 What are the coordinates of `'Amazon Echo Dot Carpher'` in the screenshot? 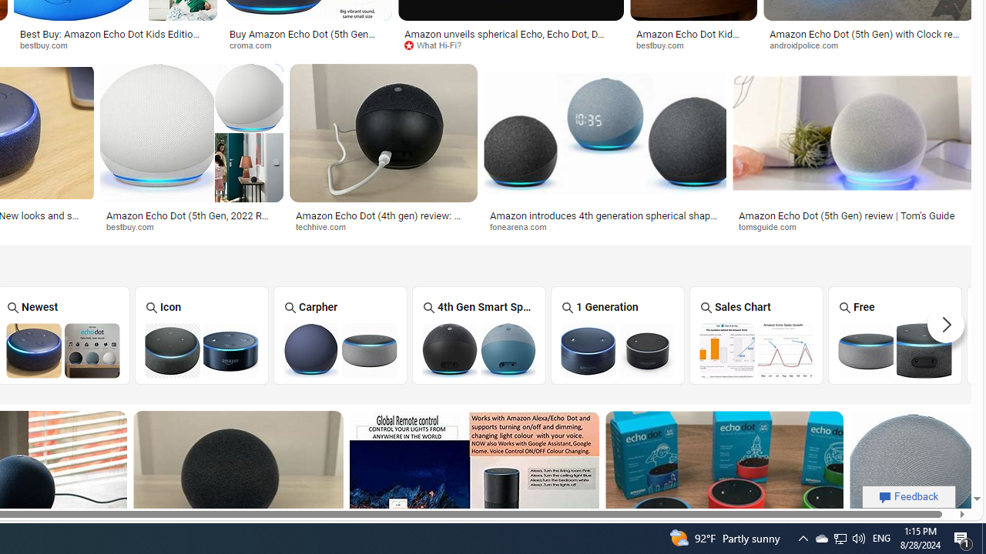 It's located at (339, 350).